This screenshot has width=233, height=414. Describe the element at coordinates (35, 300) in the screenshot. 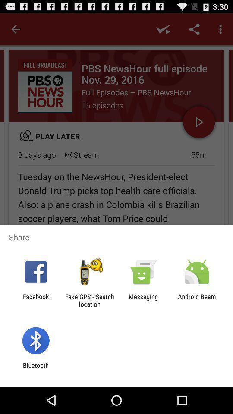

I see `facebook` at that location.